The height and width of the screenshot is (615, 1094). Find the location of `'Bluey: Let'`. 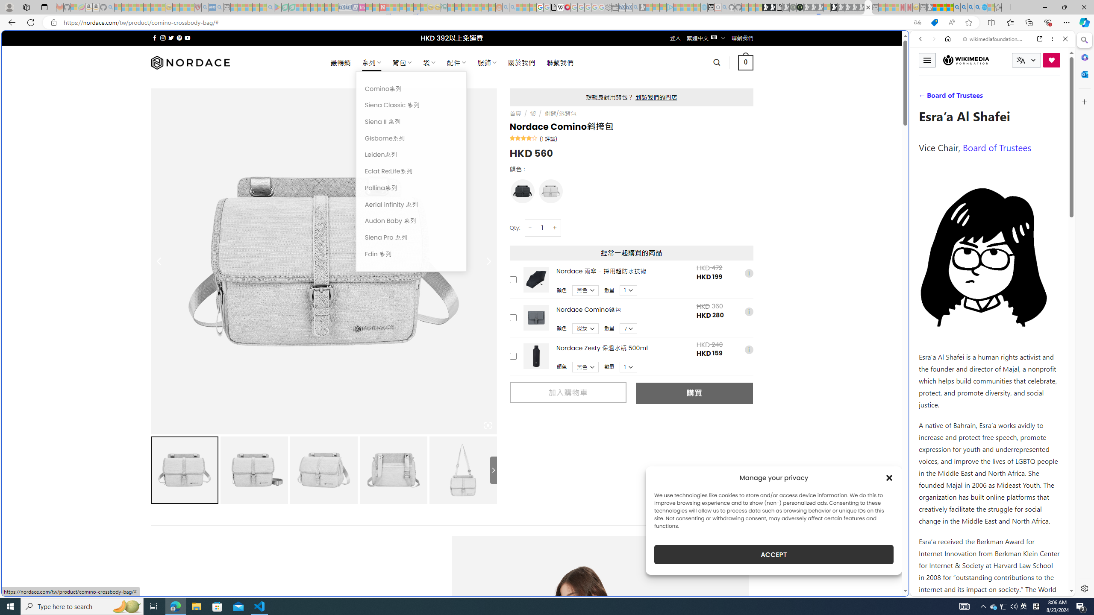

'Bluey: Let' is located at coordinates (277, 7).